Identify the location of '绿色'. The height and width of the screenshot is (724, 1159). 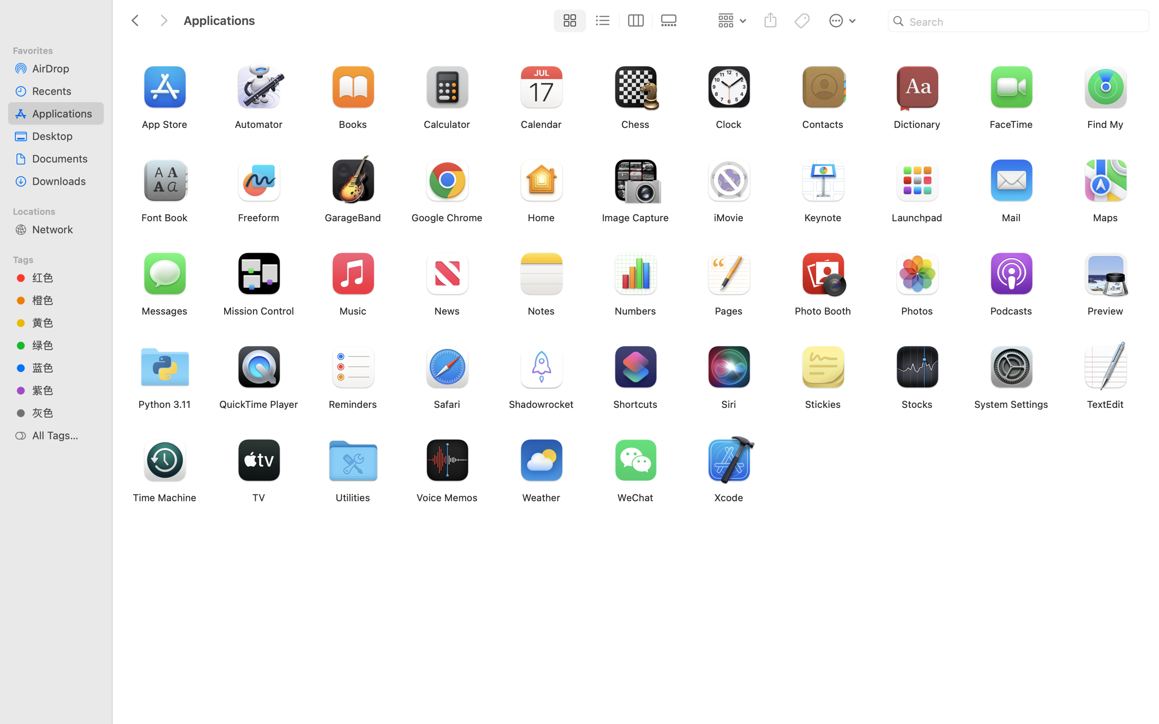
(64, 345).